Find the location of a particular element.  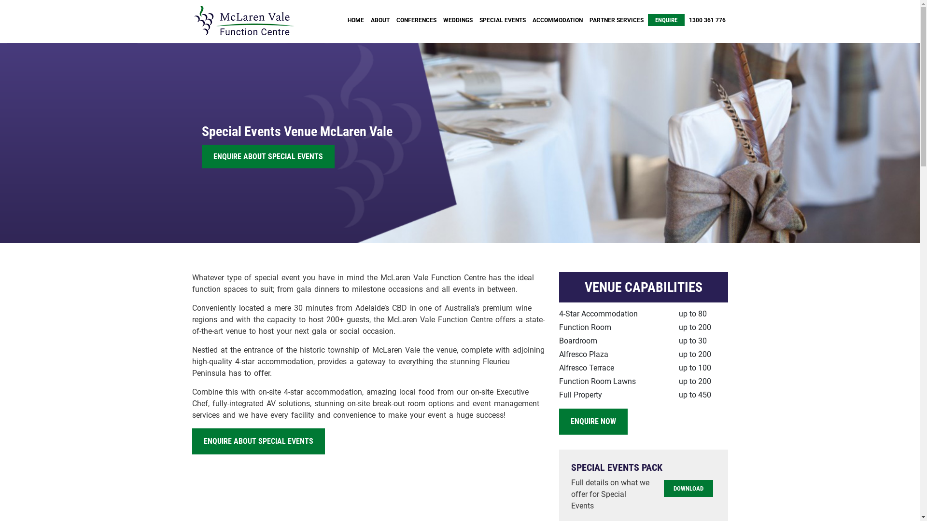

'SPECIAL EVENTS' is located at coordinates (502, 20).